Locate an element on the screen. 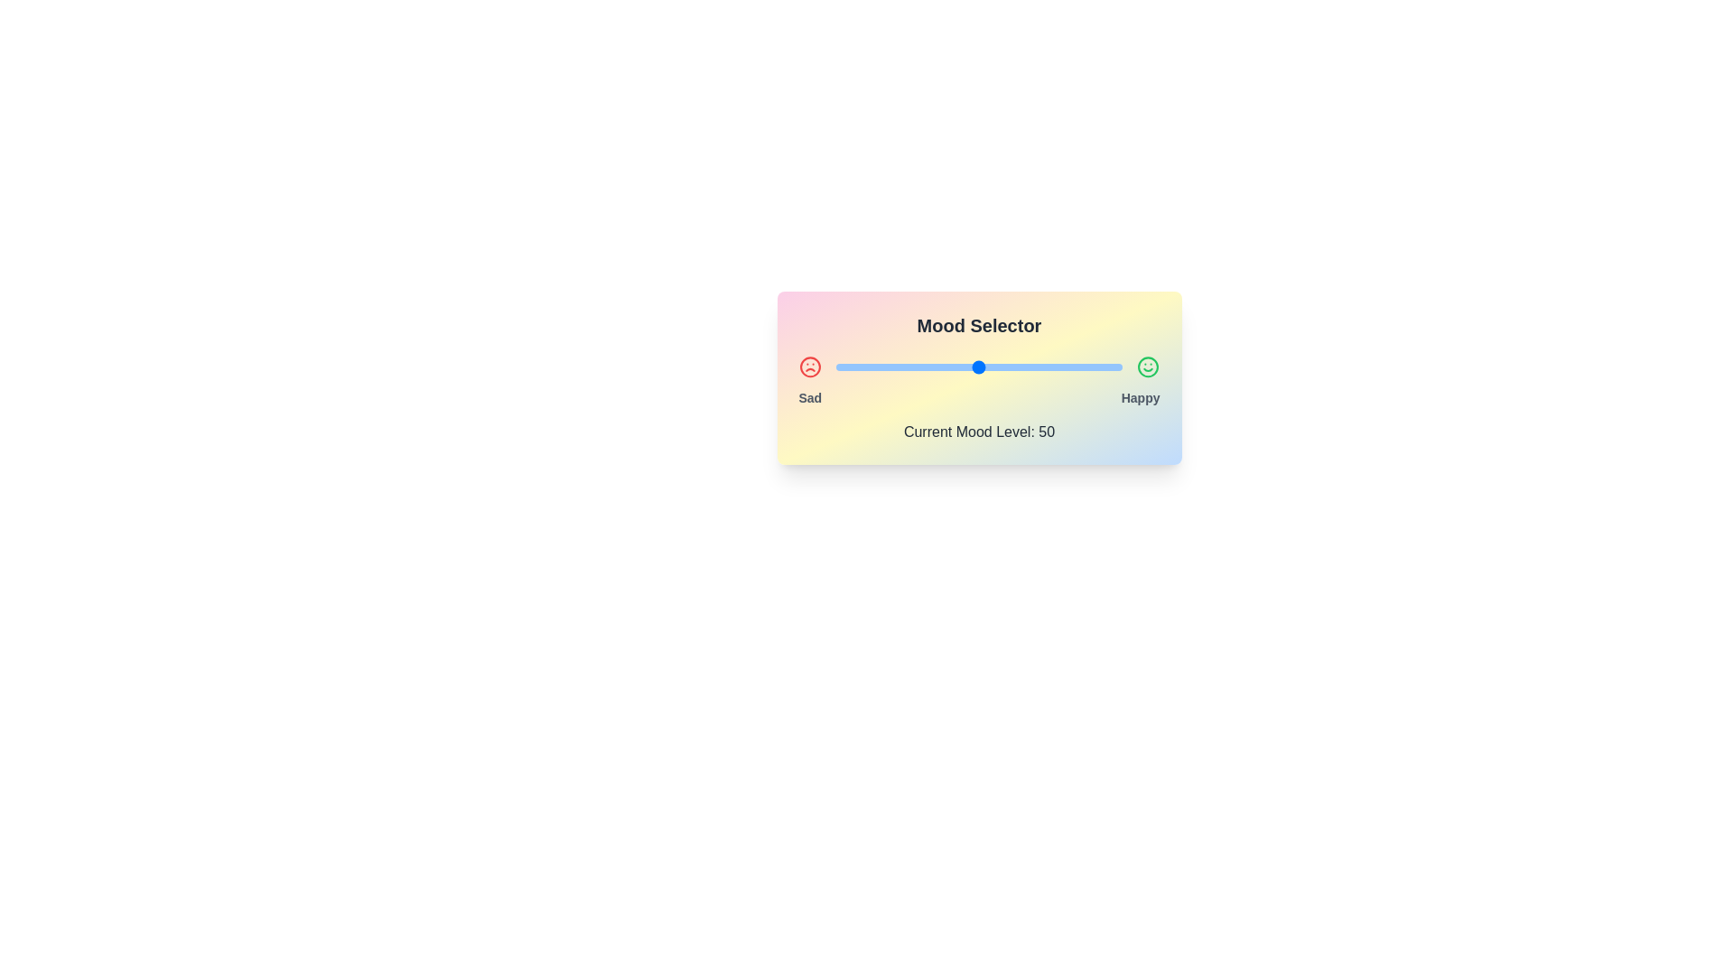 The width and height of the screenshot is (1734, 975). the mood level to 81 by interacting with the slider is located at coordinates (1067, 367).